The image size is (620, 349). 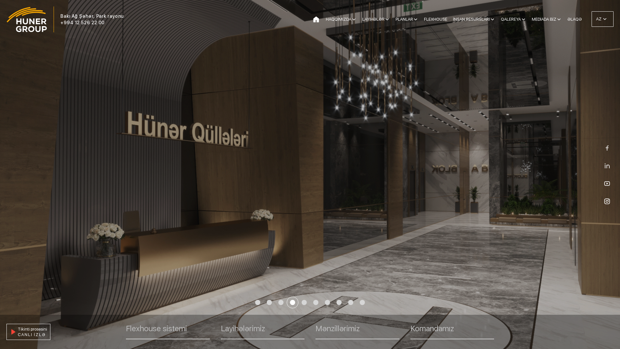 What do you see at coordinates (269, 302) in the screenshot?
I see `'2'` at bounding box center [269, 302].